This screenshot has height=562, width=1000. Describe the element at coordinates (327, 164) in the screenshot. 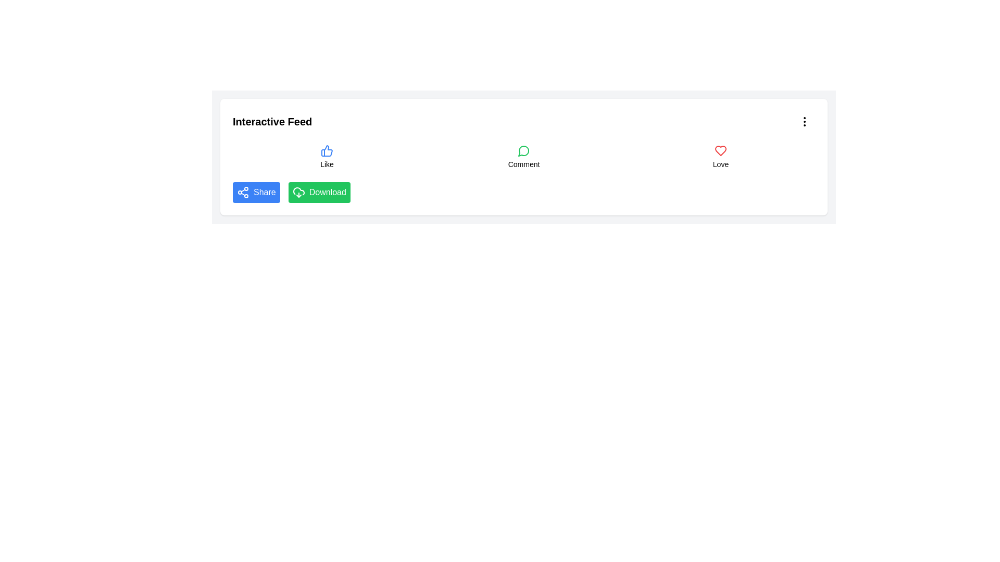

I see `the 'Like' text label, which is styled in a small sans-serif font and positioned below a thumbs-up icon` at that location.